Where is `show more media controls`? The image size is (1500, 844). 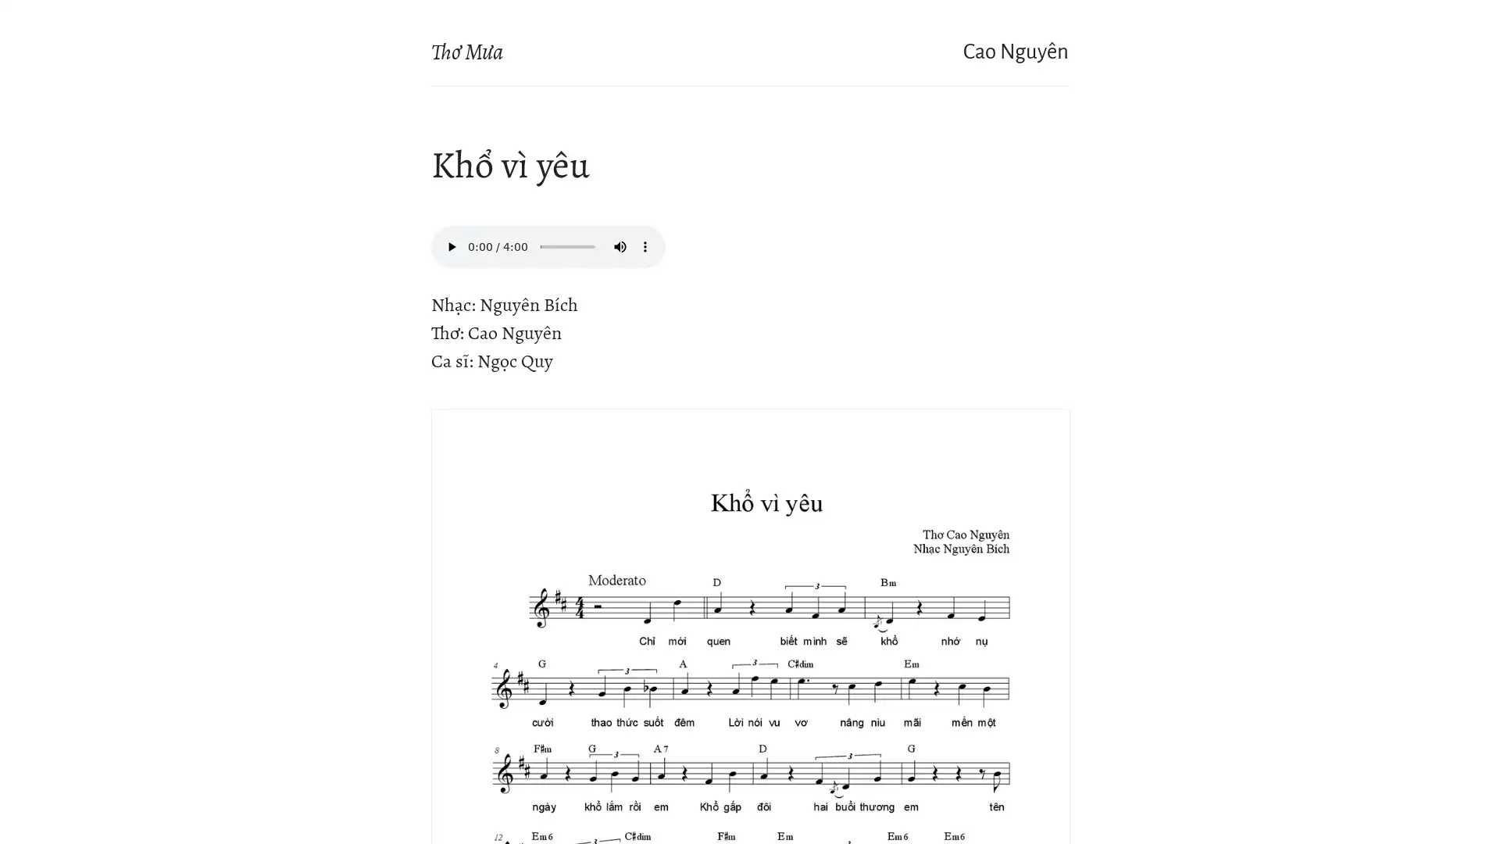
show more media controls is located at coordinates (645, 246).